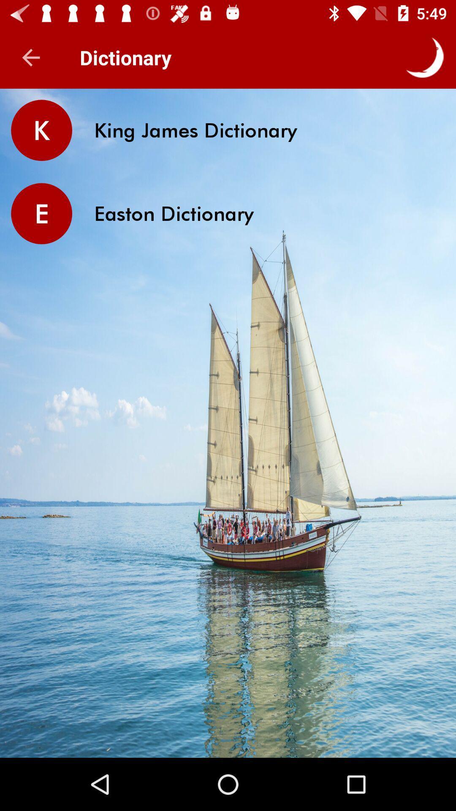 This screenshot has width=456, height=811. Describe the element at coordinates (30, 57) in the screenshot. I see `goto back` at that location.